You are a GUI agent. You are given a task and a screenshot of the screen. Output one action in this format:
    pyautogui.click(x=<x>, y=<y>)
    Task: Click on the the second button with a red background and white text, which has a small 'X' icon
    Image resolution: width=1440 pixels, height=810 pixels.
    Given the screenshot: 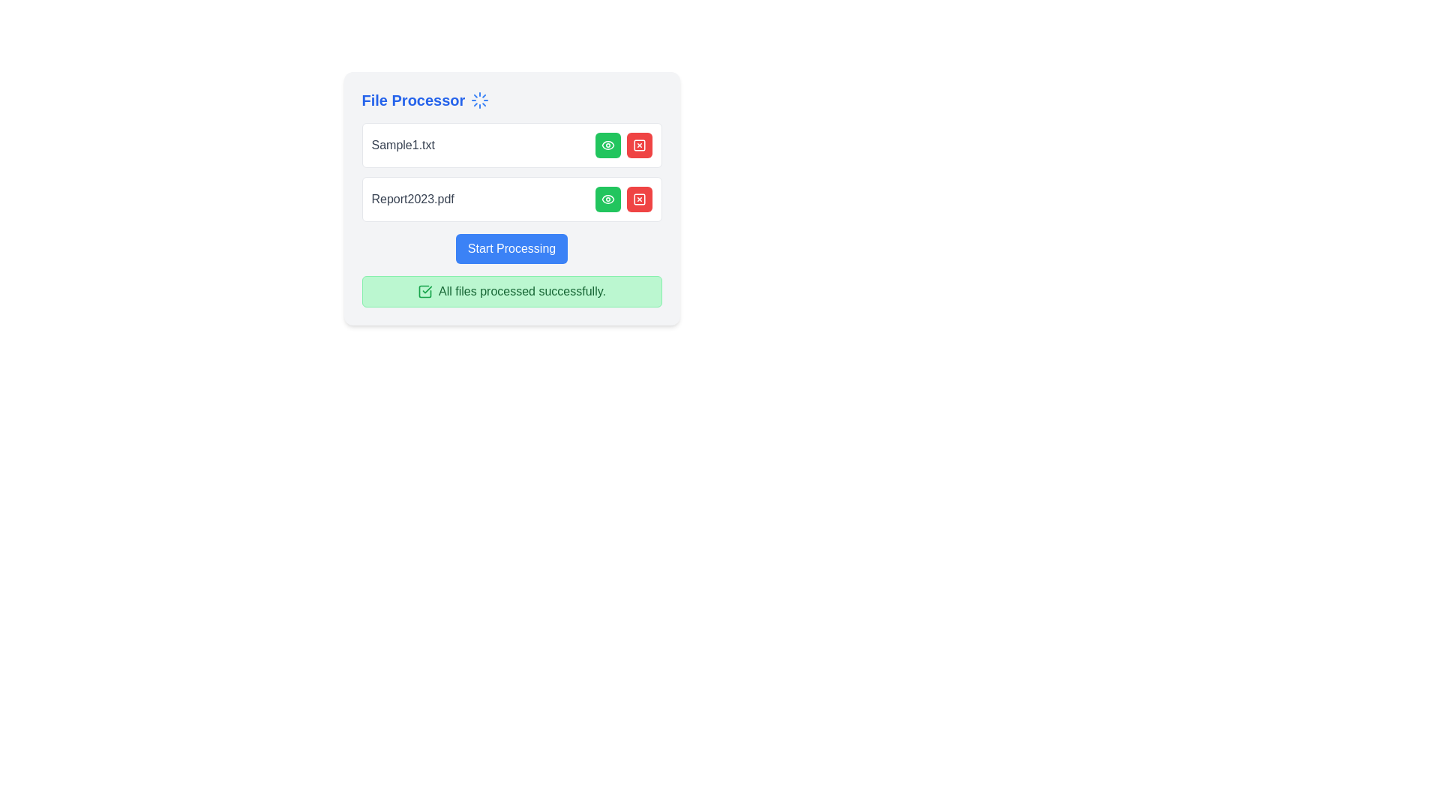 What is the action you would take?
    pyautogui.click(x=639, y=199)
    